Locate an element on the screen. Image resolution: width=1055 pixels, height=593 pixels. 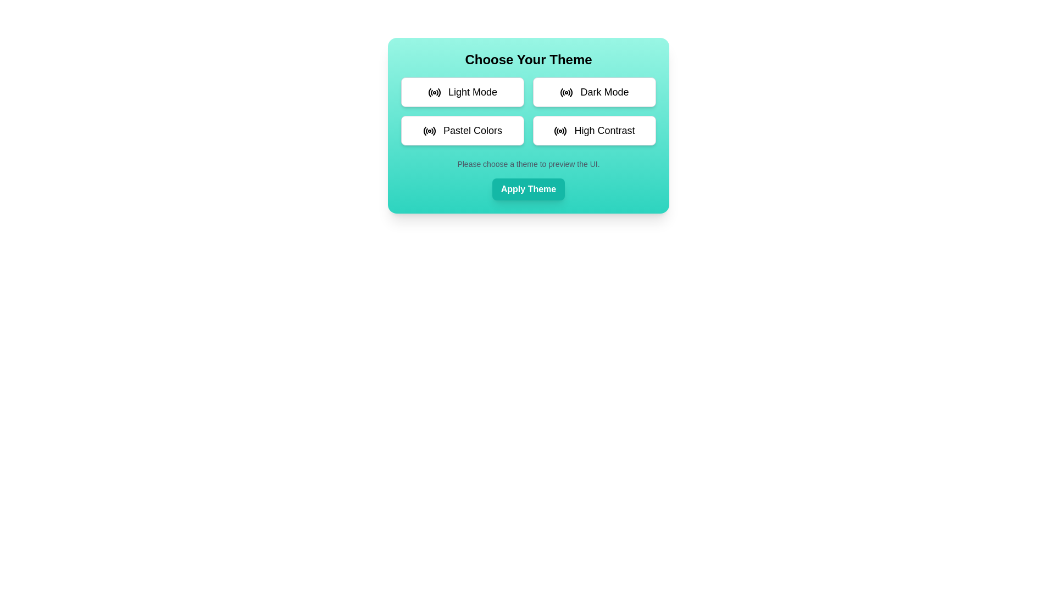
the 'Light Mode' button located in the top left corner of a 2x2 grid to trigger its hover effect is located at coordinates (462, 92).